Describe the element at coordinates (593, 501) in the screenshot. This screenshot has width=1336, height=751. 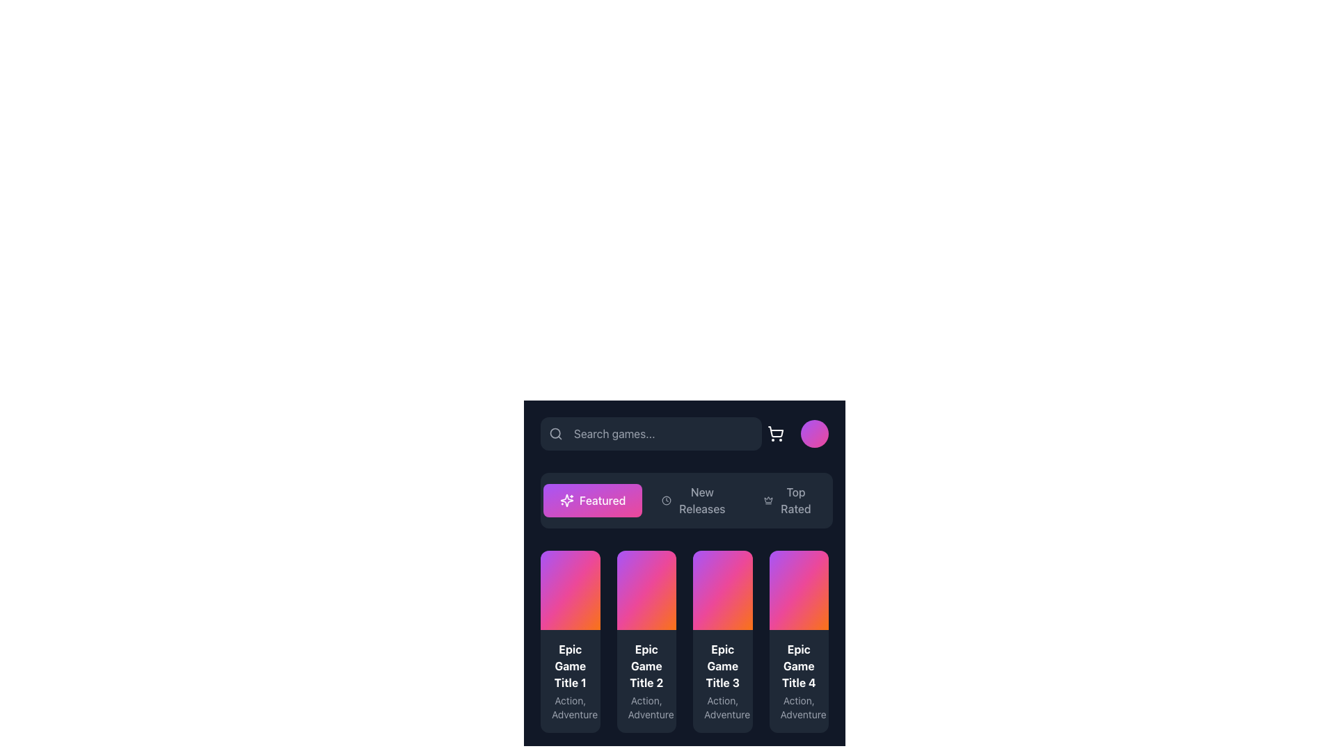
I see `the first button in a horizontal group of three buttons, located above the content grid` at that location.